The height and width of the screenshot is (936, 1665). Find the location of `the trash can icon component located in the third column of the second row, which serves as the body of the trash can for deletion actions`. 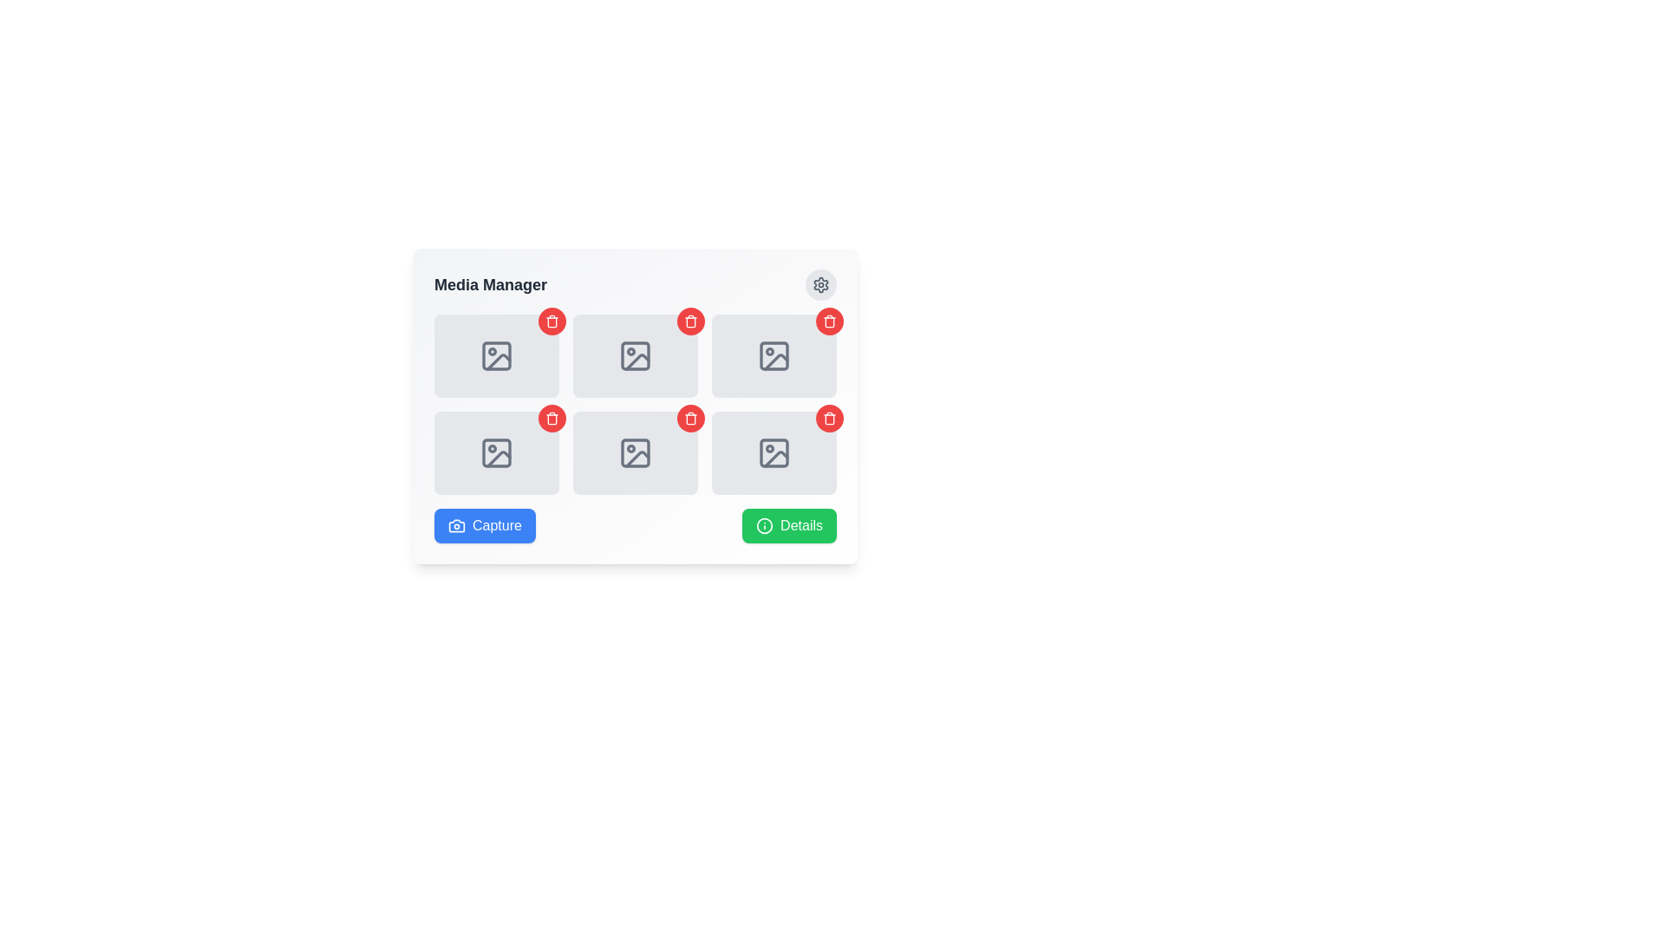

the trash can icon component located in the third column of the second row, which serves as the body of the trash can for deletion actions is located at coordinates (689, 322).